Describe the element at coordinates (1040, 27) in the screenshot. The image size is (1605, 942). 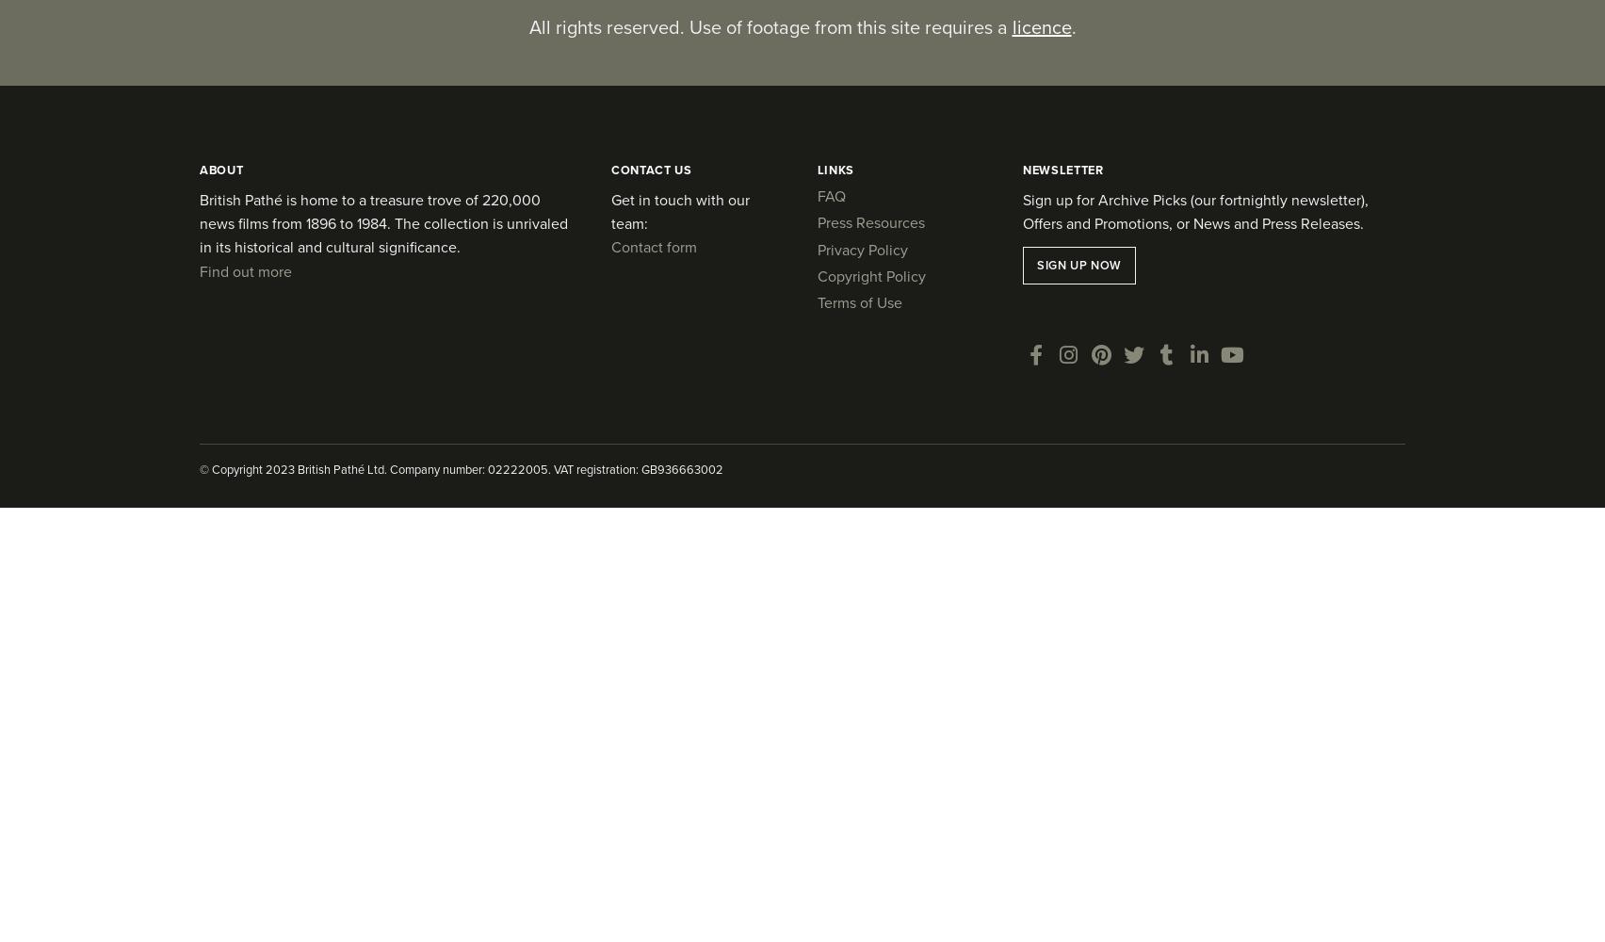
I see `'licence'` at that location.